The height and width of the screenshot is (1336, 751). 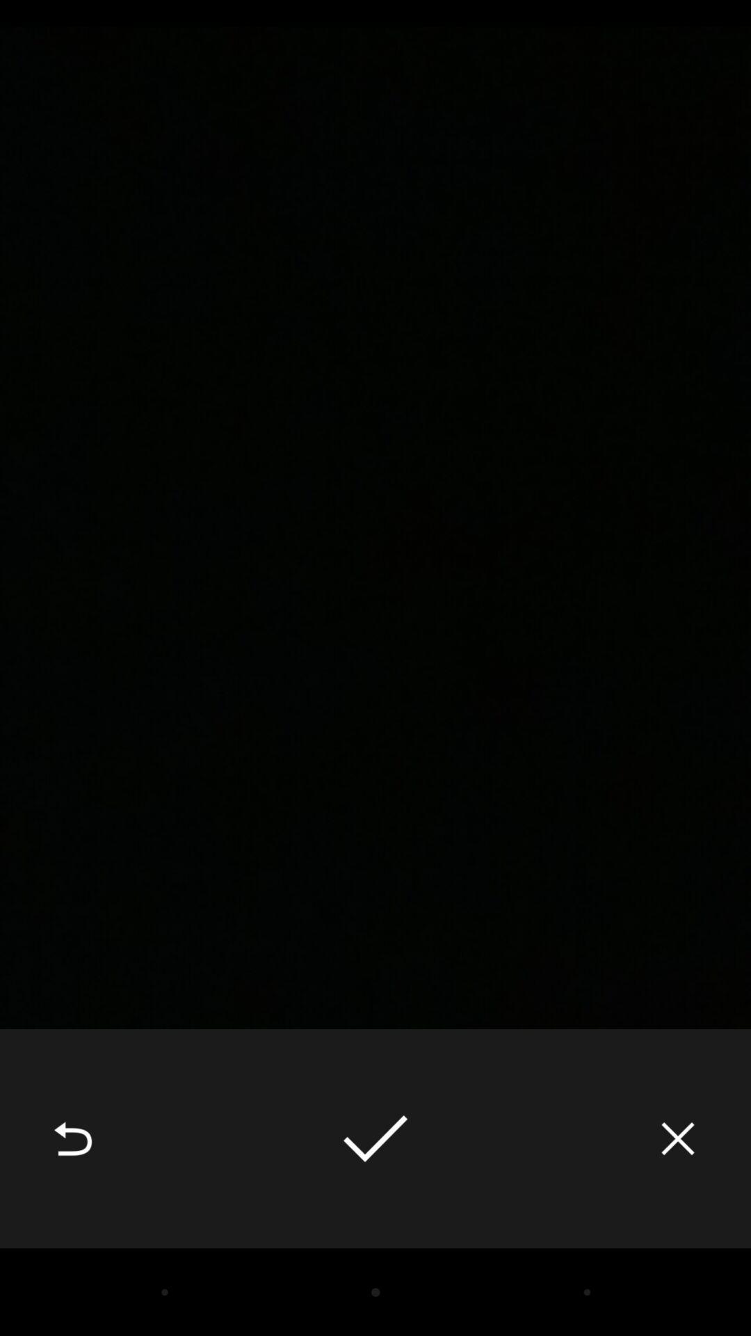 I want to click on icon at the bottom left corner, so click(x=72, y=1138).